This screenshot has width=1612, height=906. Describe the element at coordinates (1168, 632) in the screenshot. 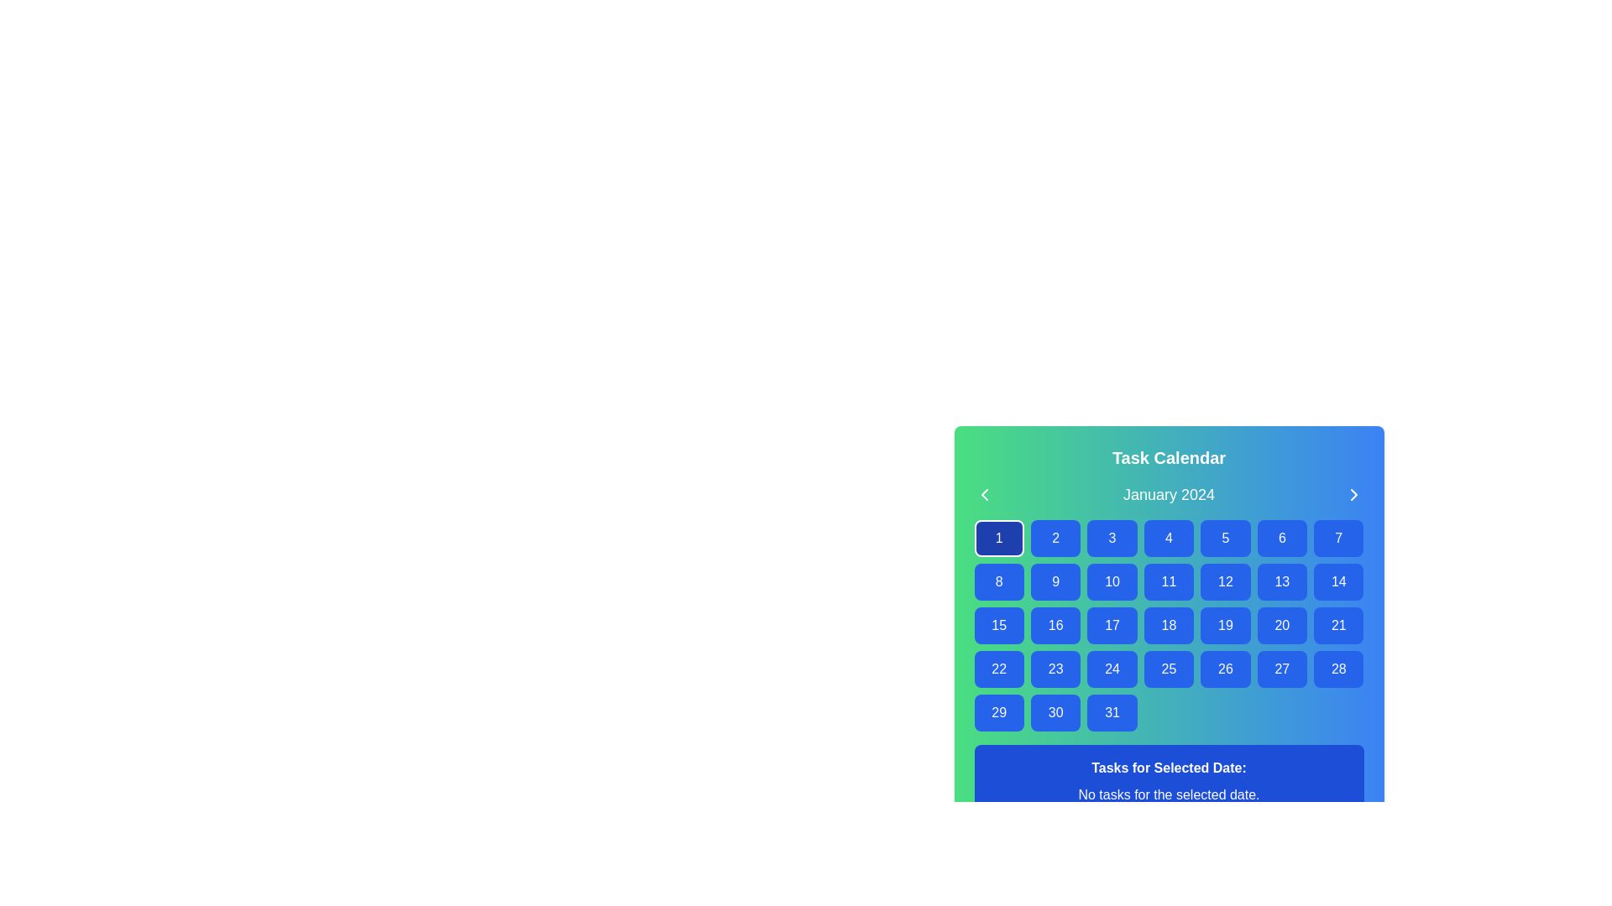

I see `the blue button representing a date in the Calendar Widget` at that location.